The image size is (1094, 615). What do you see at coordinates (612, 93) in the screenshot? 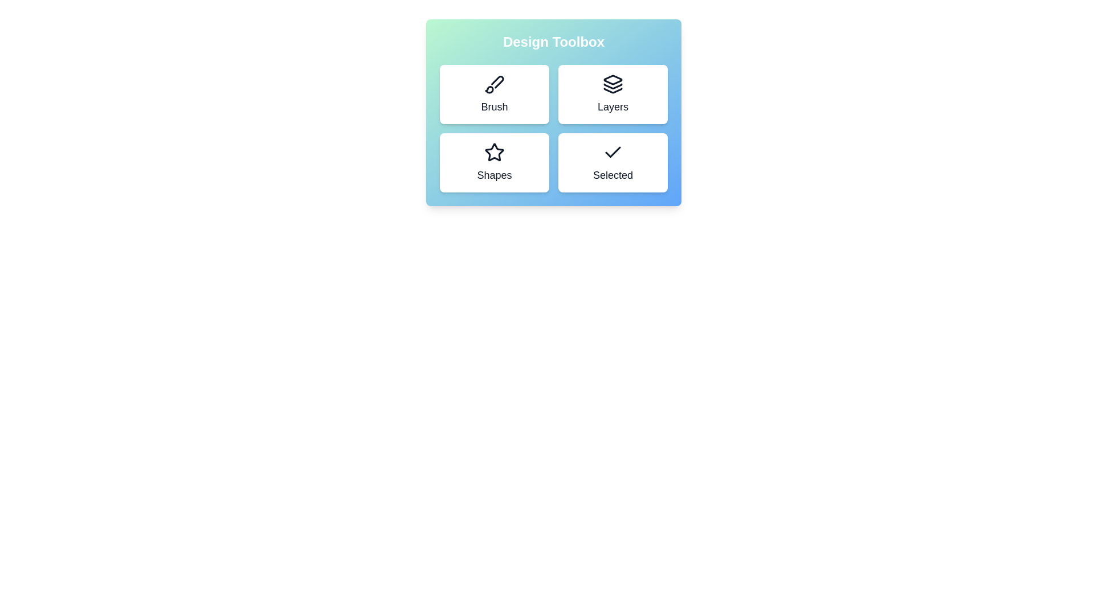
I see `the button labeled Layers to select or deselect it` at bounding box center [612, 93].